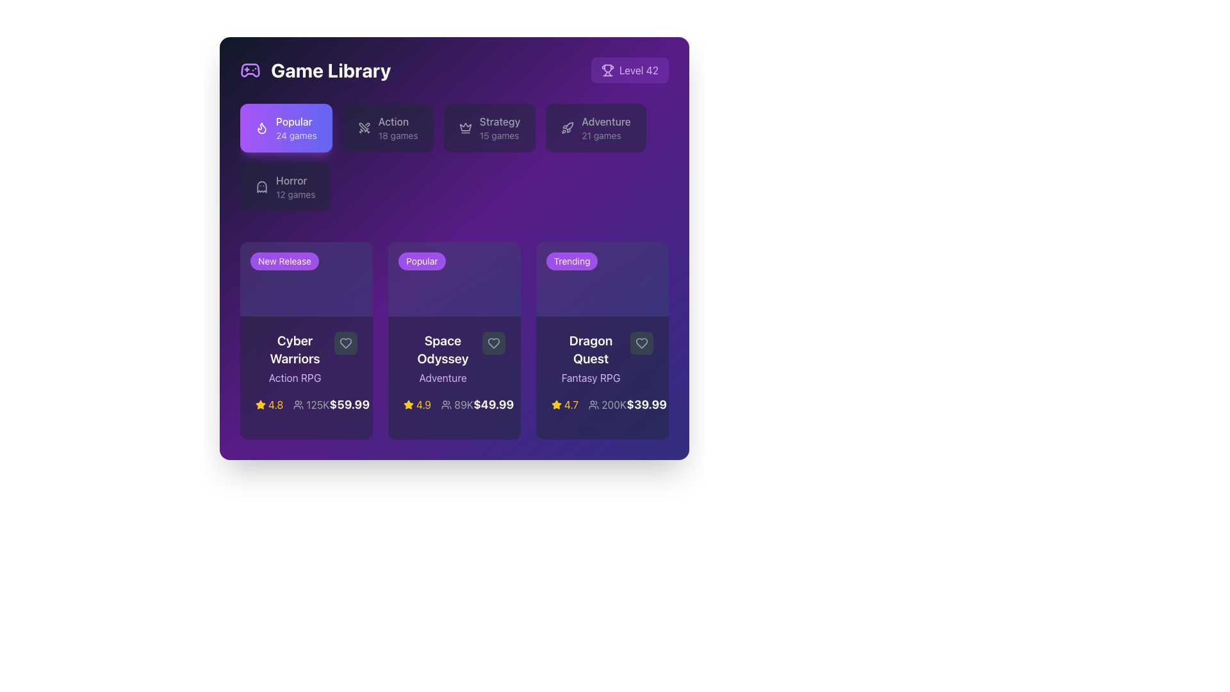 This screenshot has height=692, width=1230. I want to click on the star icon indicating a rating of '4.9' located in the details section of the 'Space Odyssey' card, positioned at the bottom left of the card, so click(408, 405).